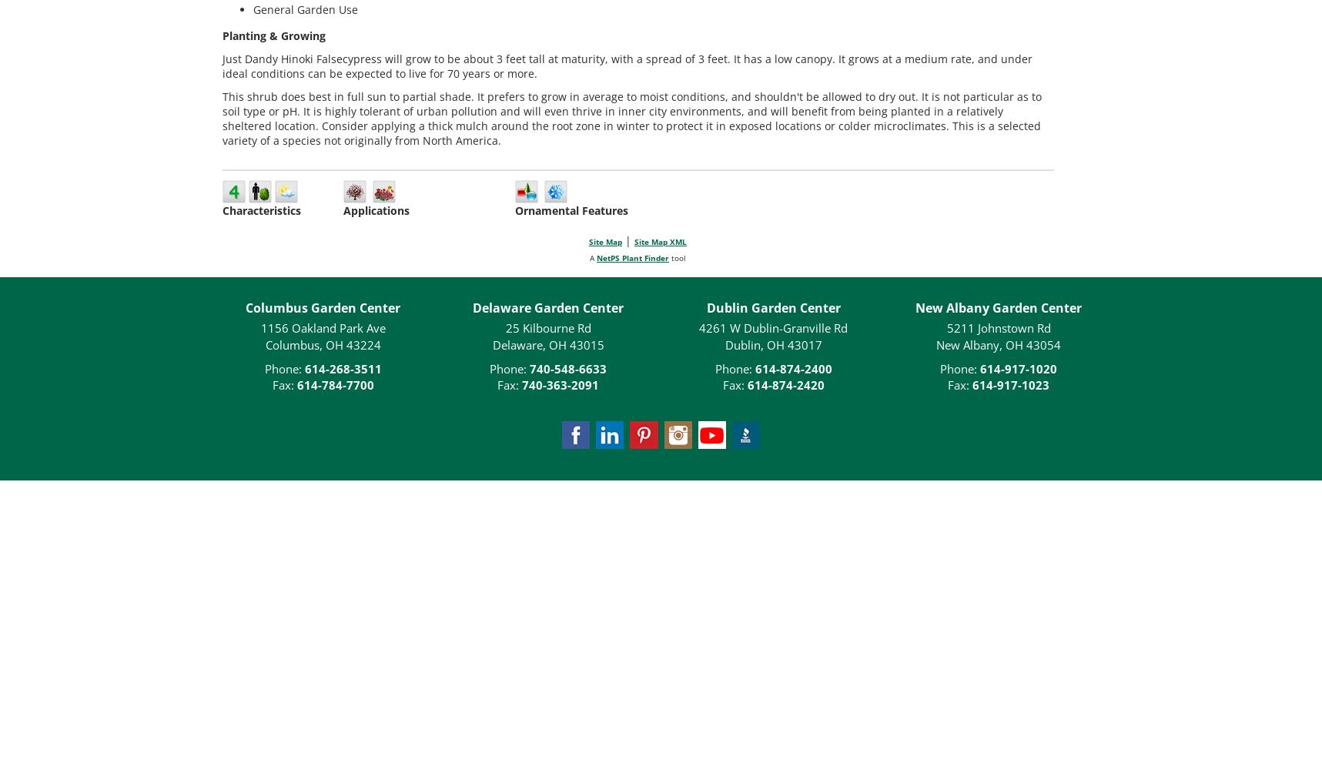 This screenshot has width=1322, height=770. Describe the element at coordinates (792, 368) in the screenshot. I see `'614-874-2400'` at that location.